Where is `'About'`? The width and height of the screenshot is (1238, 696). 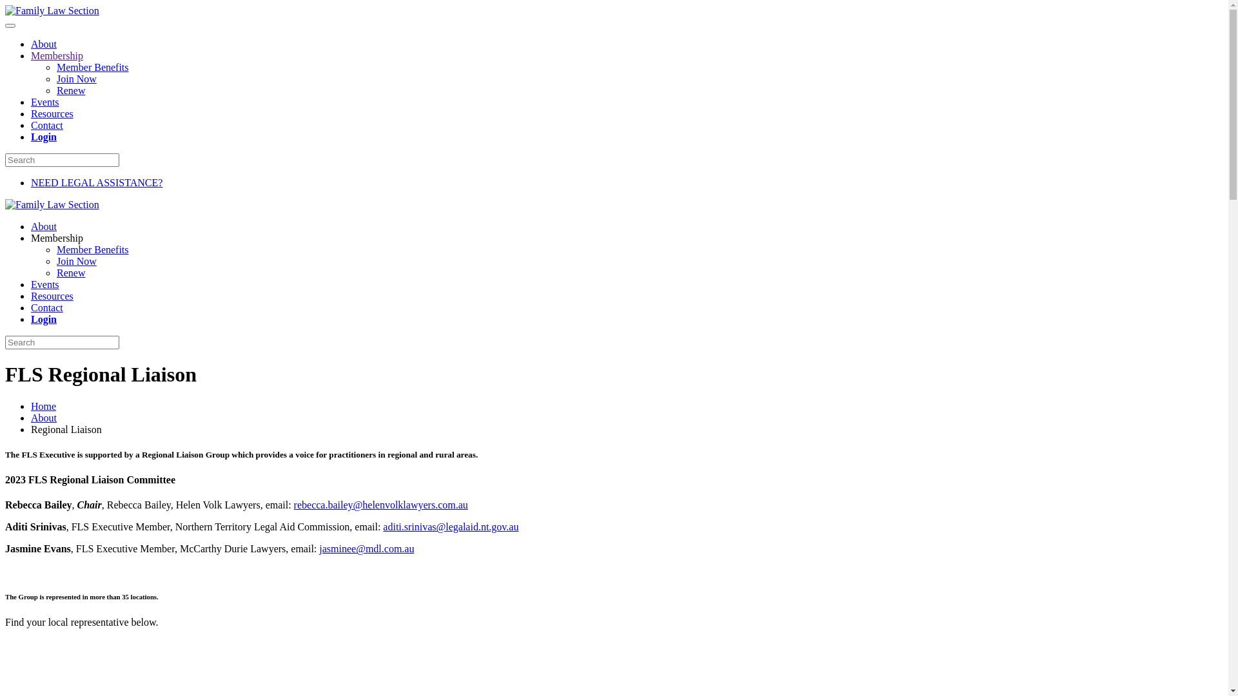 'About' is located at coordinates (43, 418).